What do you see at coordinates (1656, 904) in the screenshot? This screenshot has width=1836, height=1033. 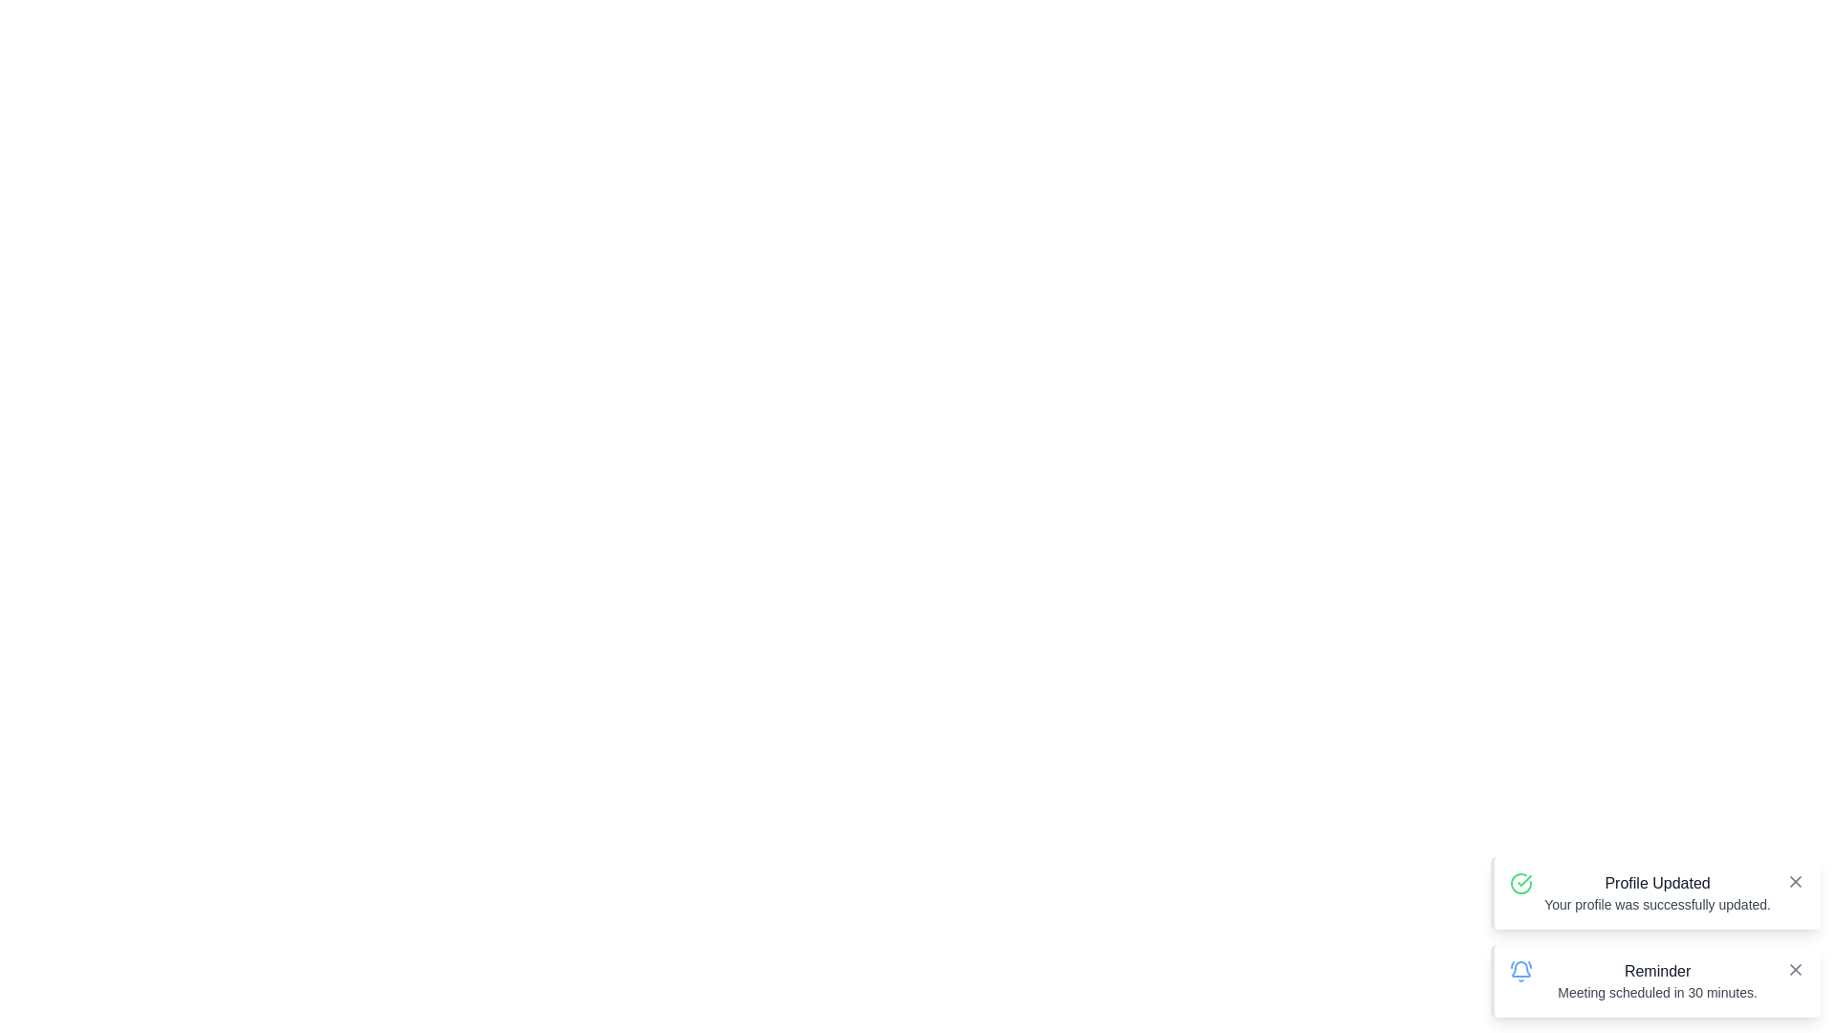 I see `message displayed in the text label that states 'Your profile was successfully updated.' located within the notification card for 'Profile Updated.'` at bounding box center [1656, 904].